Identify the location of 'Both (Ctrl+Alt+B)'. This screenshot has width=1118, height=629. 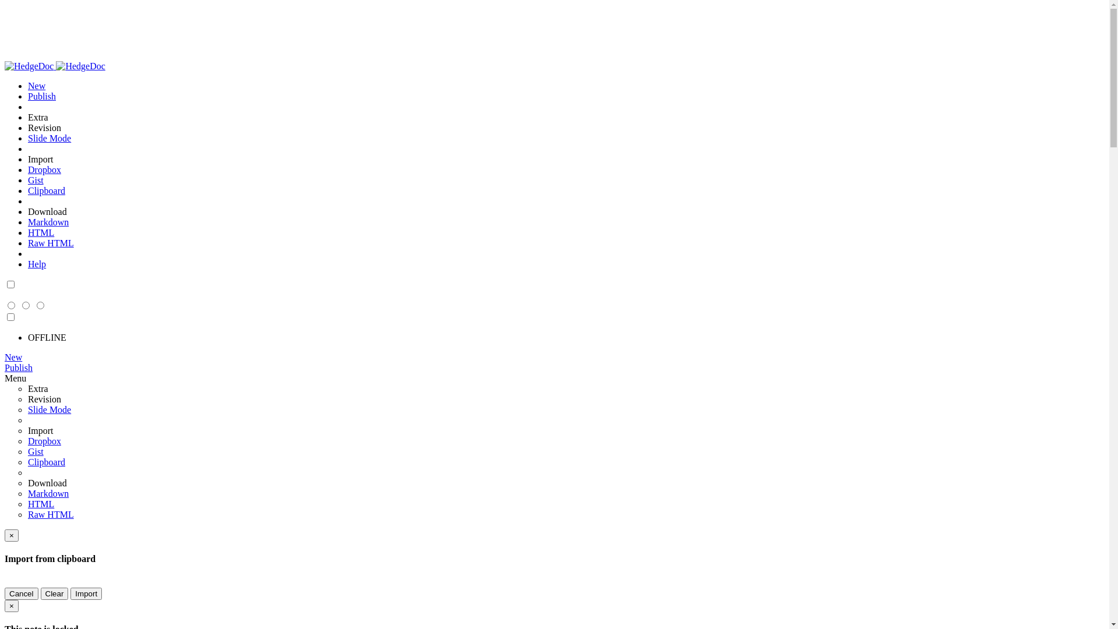
(26, 305).